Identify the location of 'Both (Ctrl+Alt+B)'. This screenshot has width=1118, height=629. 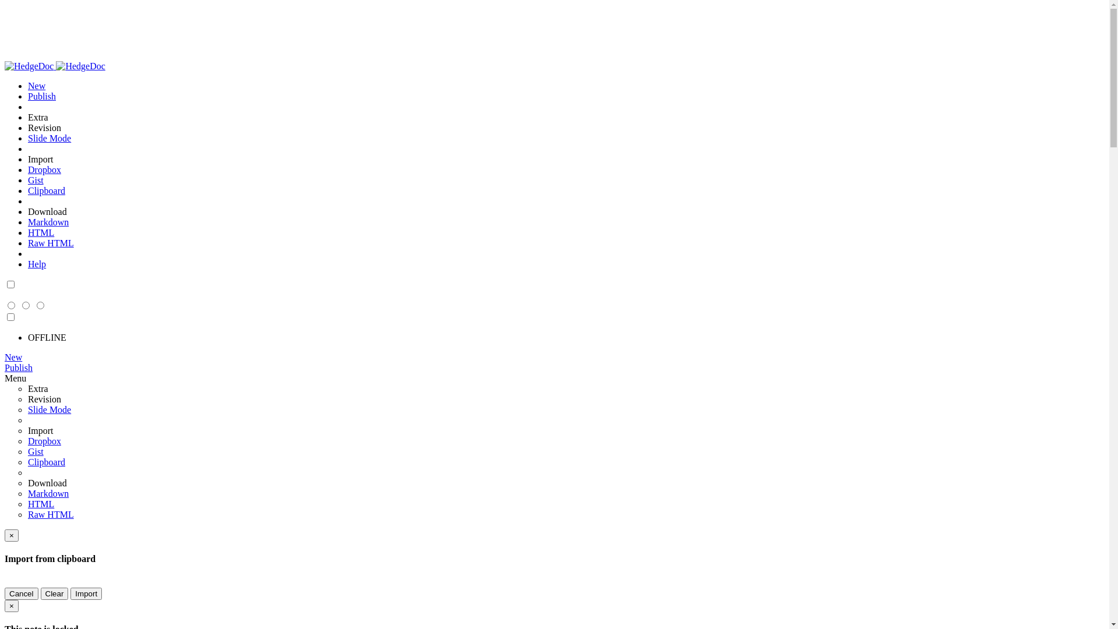
(26, 305).